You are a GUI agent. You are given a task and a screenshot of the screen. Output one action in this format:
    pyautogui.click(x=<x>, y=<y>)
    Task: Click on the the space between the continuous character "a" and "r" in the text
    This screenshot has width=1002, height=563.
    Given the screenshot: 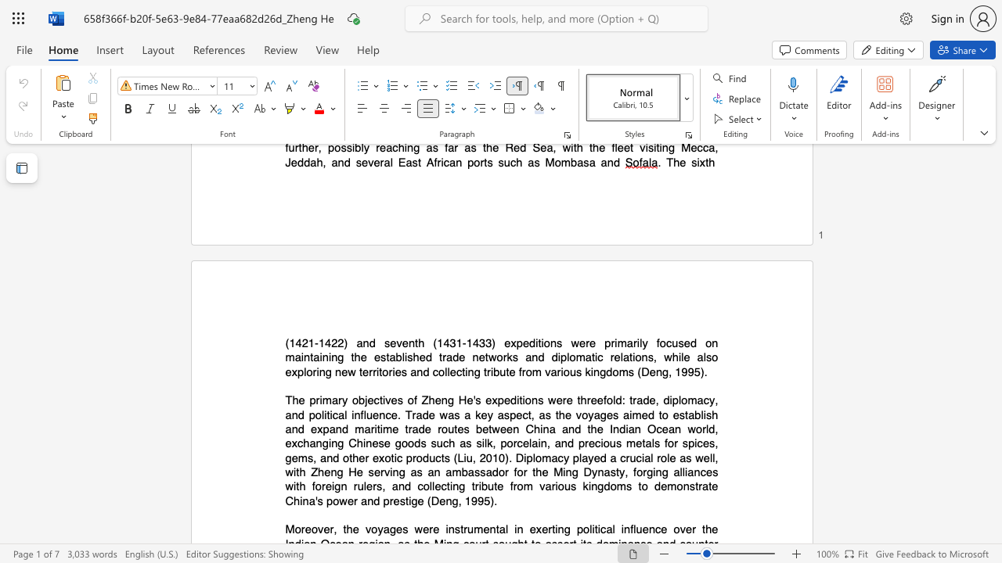 What is the action you would take?
    pyautogui.click(x=337, y=400)
    